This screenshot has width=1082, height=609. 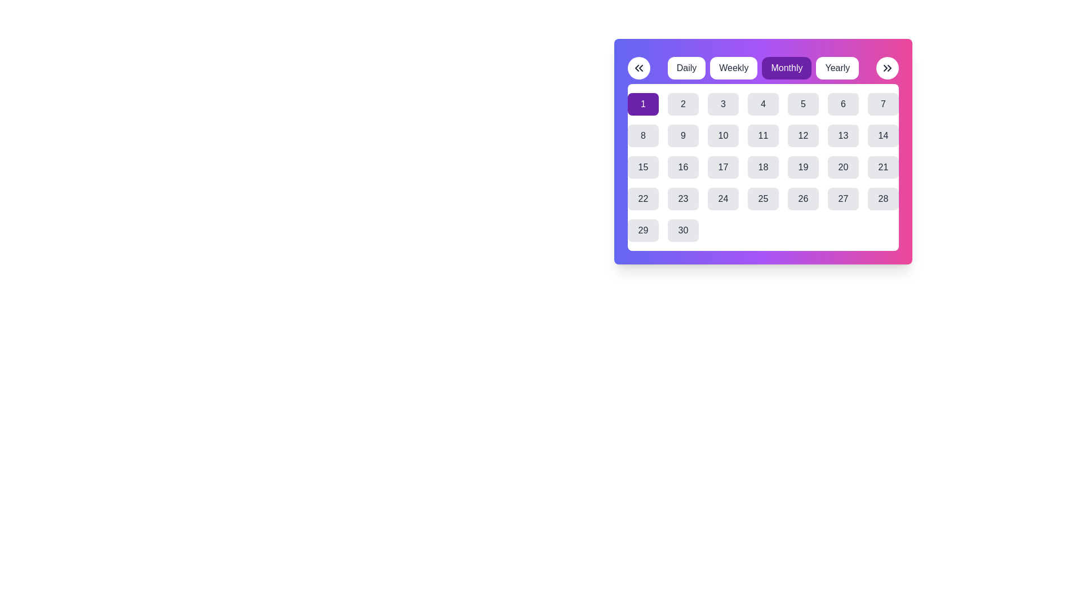 What do you see at coordinates (682, 104) in the screenshot?
I see `the button displaying the number '2' in black text within a light gray rounded rectangular box` at bounding box center [682, 104].